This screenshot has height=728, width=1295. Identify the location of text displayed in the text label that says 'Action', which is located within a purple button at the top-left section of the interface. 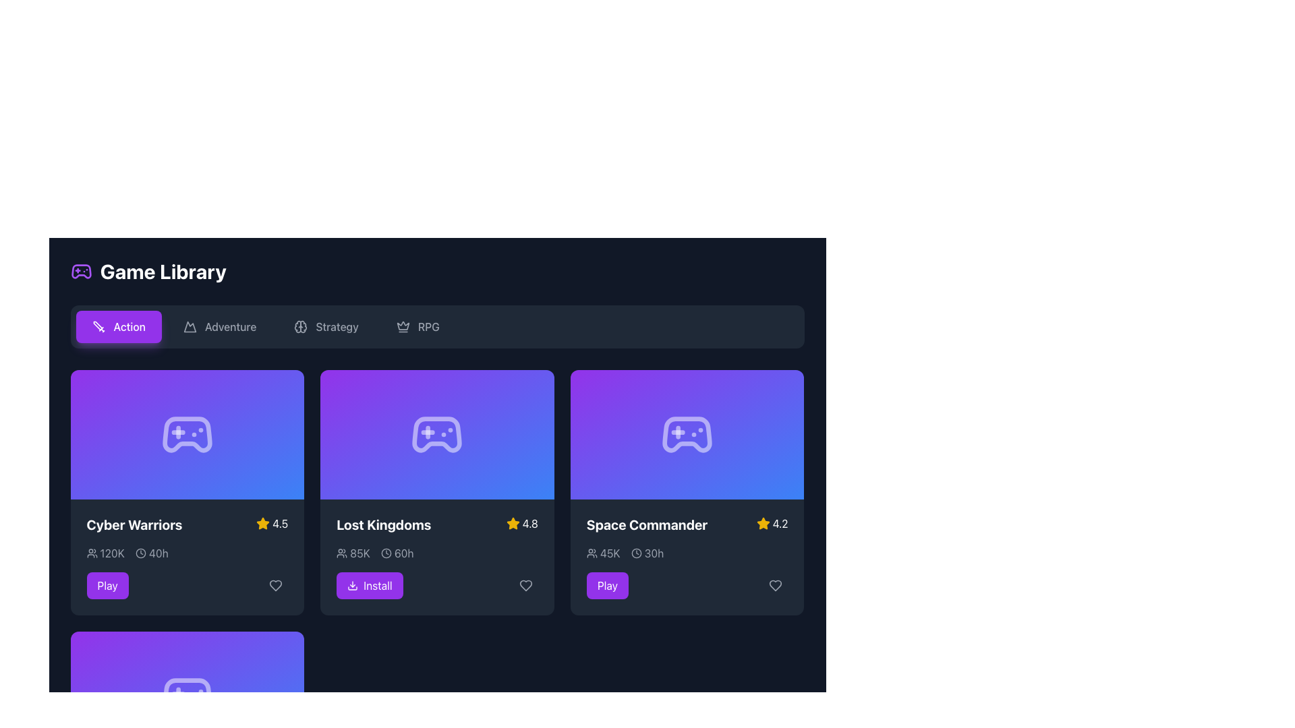
(129, 327).